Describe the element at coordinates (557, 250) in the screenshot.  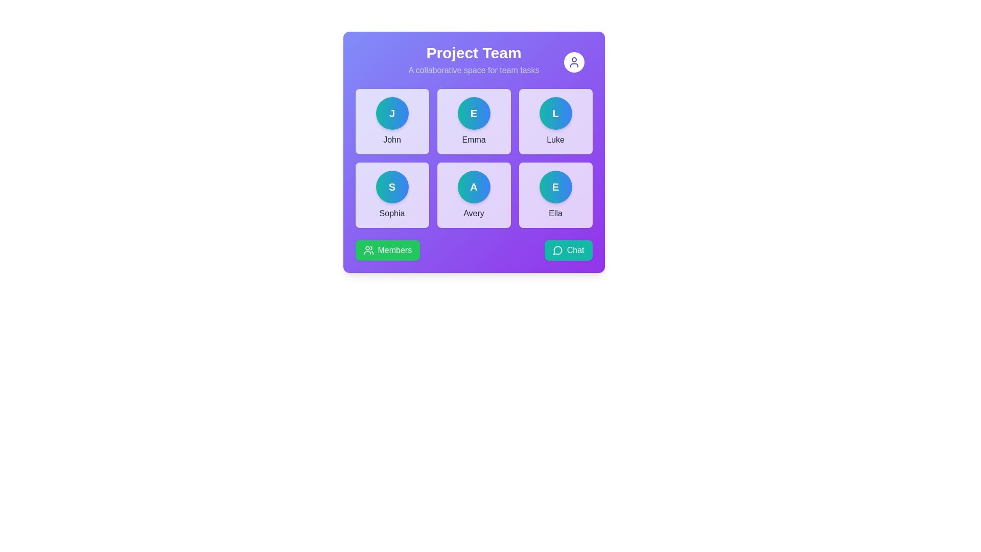
I see `the inner graphical content of the 'Chat' button located in the bottom-right corner of the main interface` at that location.